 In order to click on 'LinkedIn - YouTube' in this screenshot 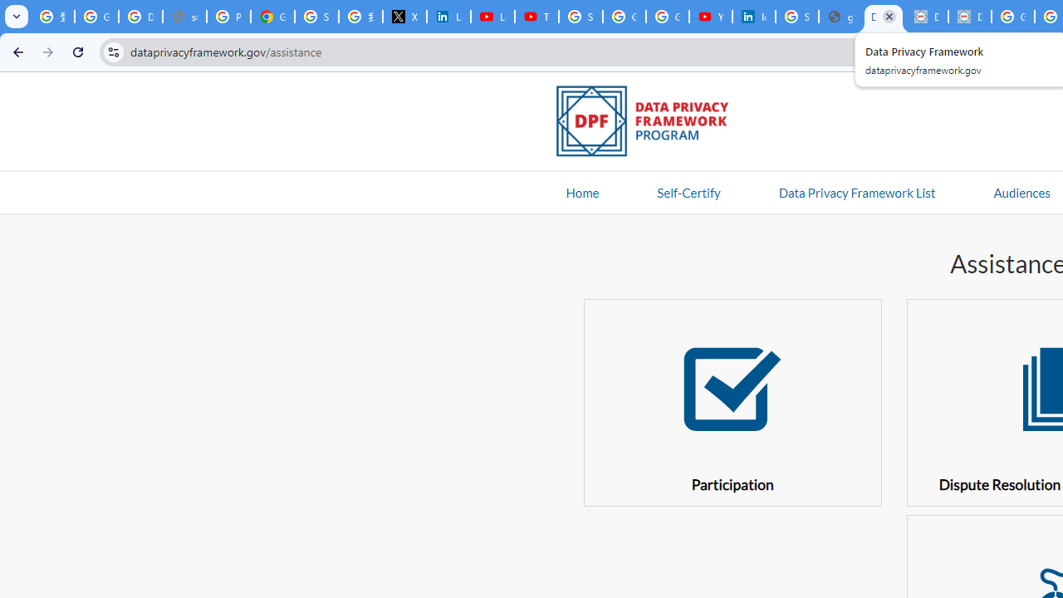, I will do `click(492, 17)`.